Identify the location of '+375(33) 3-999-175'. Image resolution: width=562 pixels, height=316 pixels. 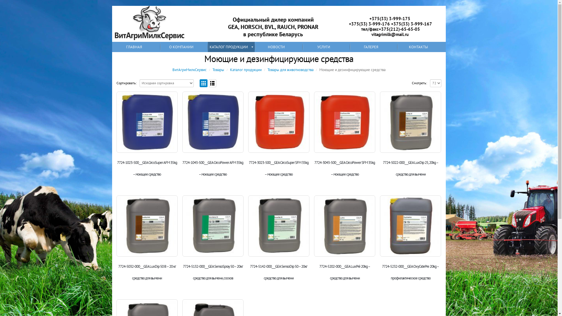
(390, 18).